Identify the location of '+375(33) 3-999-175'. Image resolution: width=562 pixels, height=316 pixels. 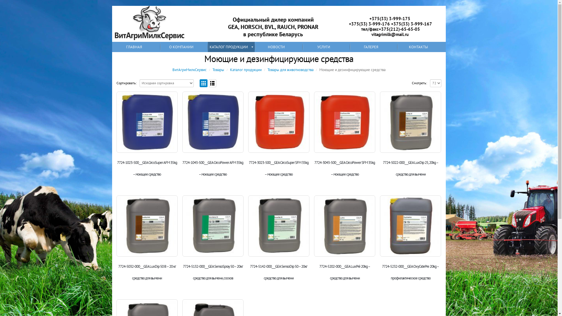
(390, 18).